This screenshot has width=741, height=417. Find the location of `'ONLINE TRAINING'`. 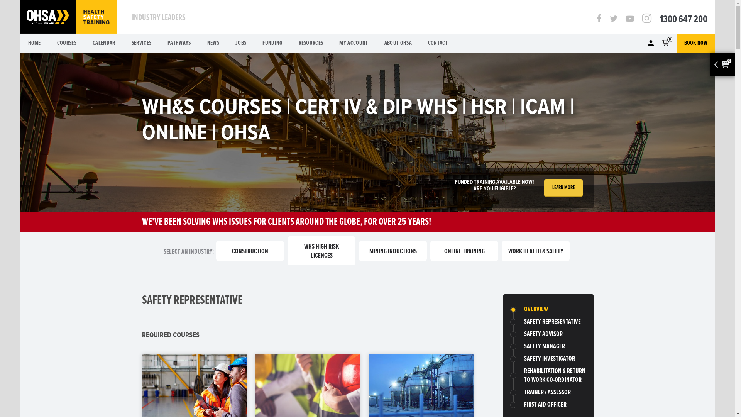

'ONLINE TRAINING' is located at coordinates (464, 251).